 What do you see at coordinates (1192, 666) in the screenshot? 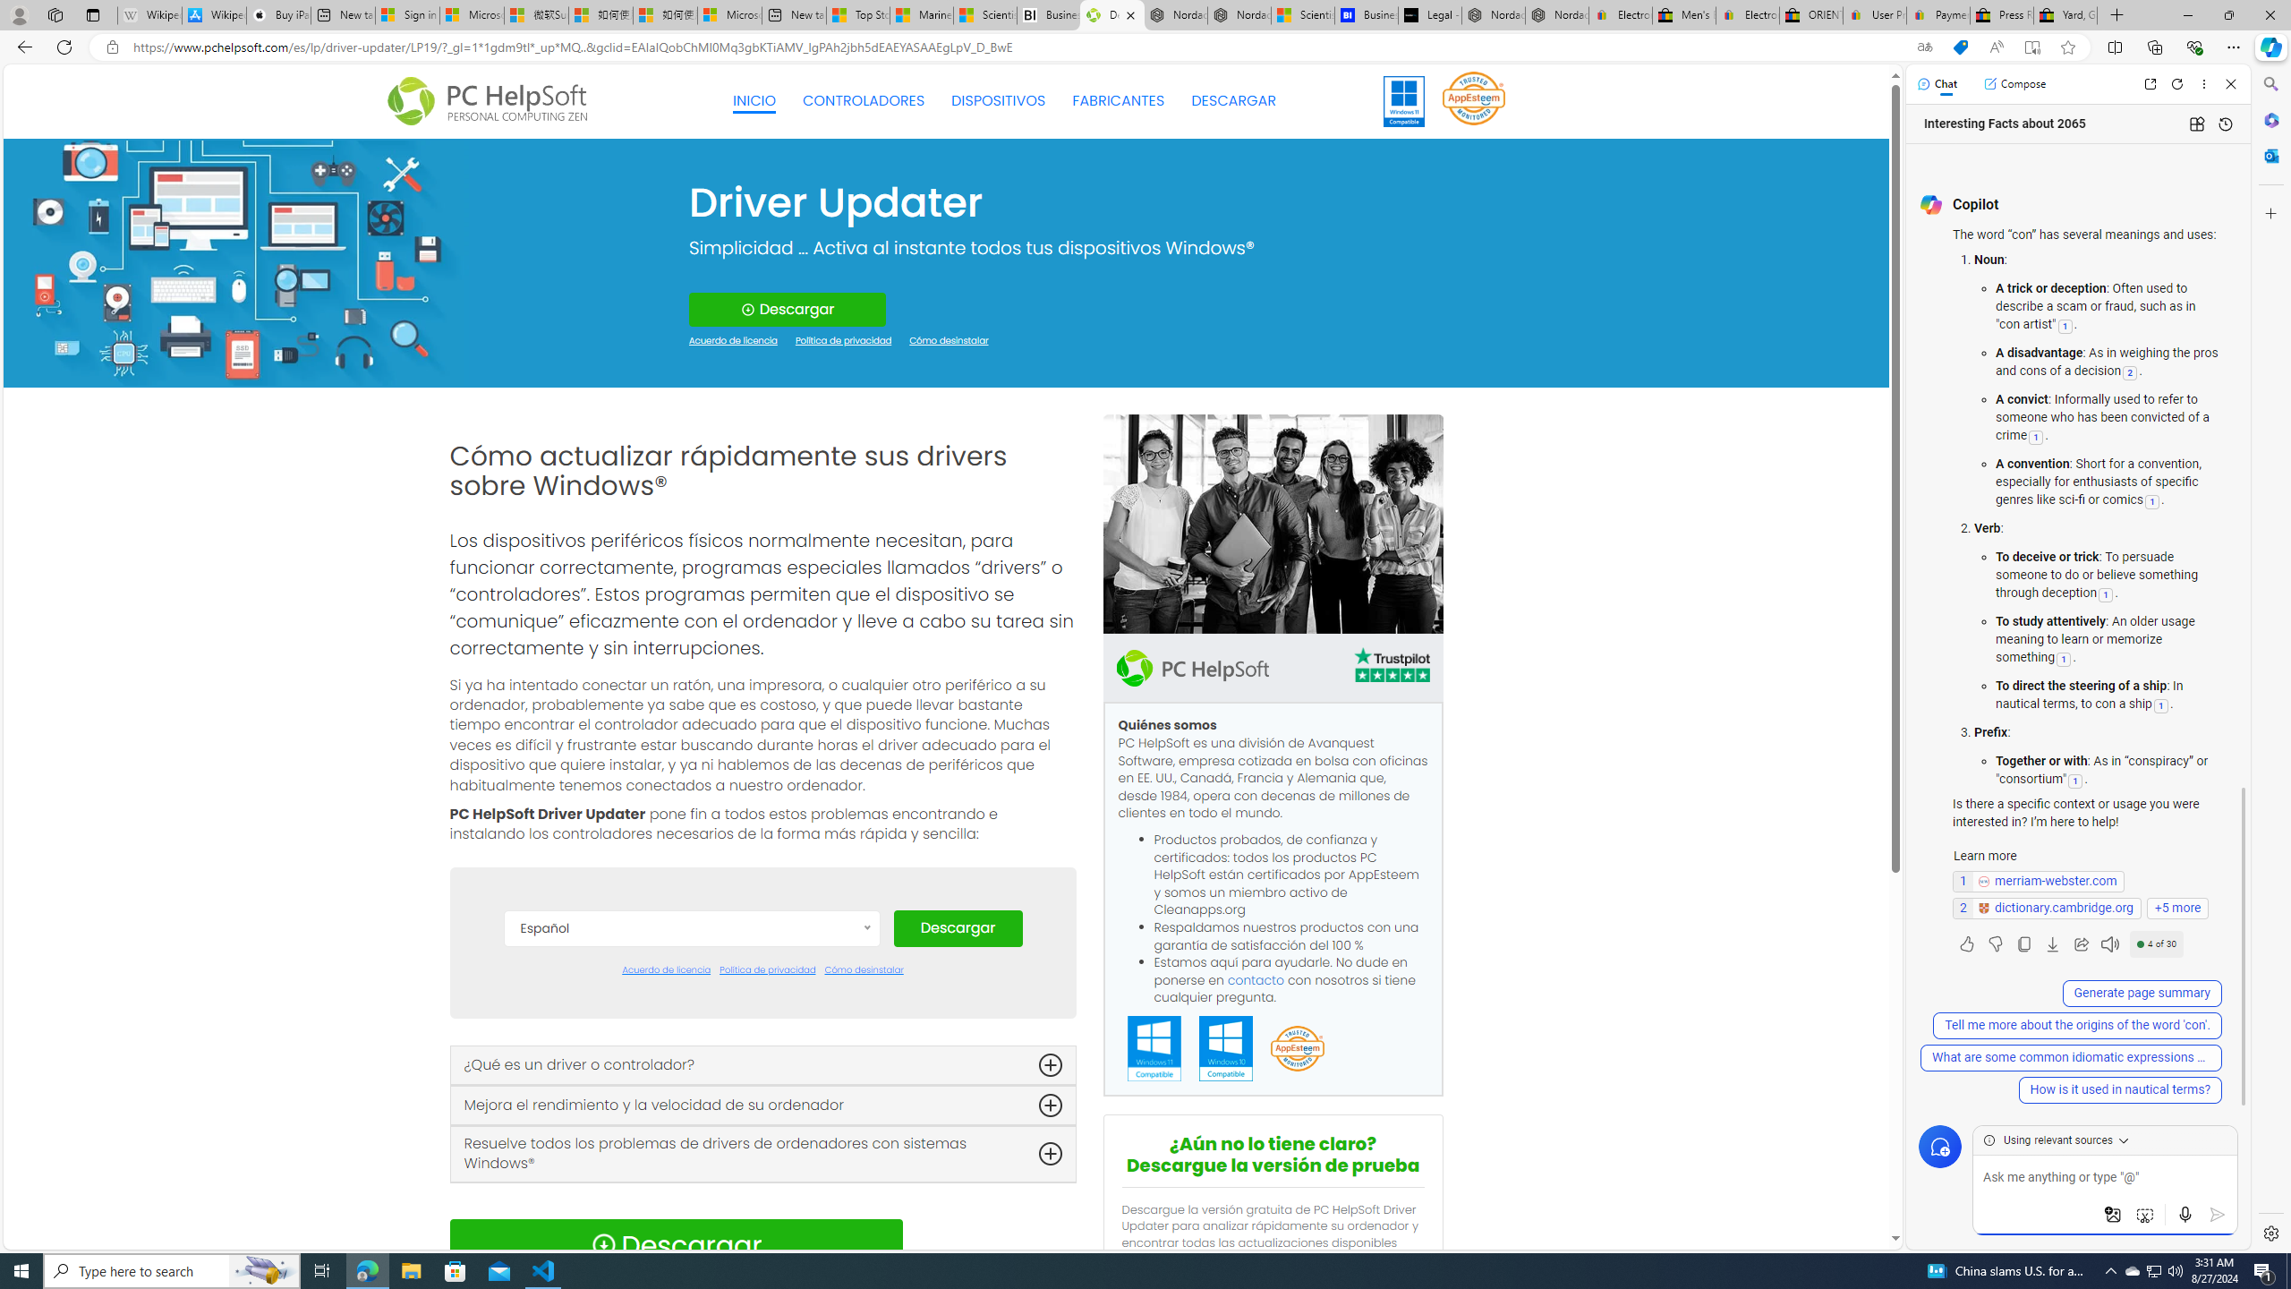
I see `'PCHelpsoft'` at bounding box center [1192, 666].